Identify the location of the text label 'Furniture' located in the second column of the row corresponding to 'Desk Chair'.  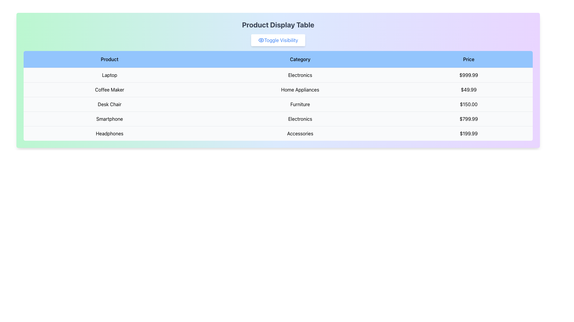
(300, 104).